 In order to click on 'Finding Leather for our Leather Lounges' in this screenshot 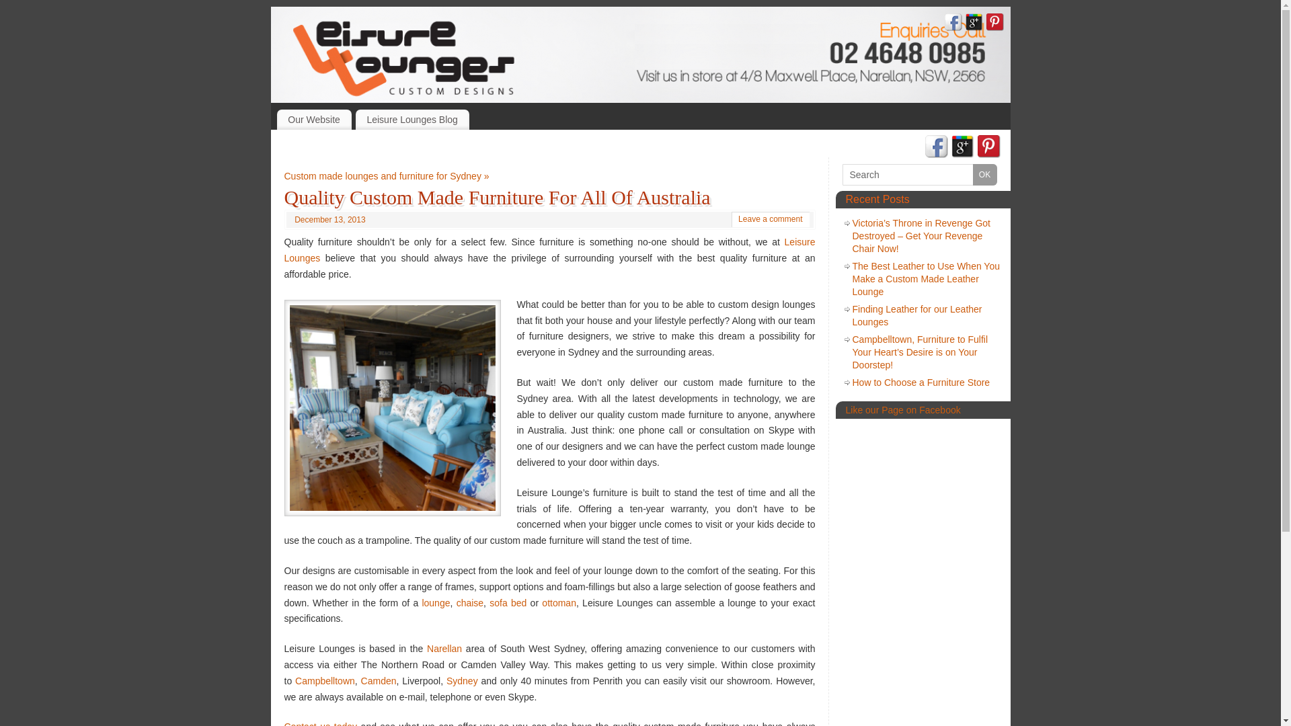, I will do `click(916, 315)`.